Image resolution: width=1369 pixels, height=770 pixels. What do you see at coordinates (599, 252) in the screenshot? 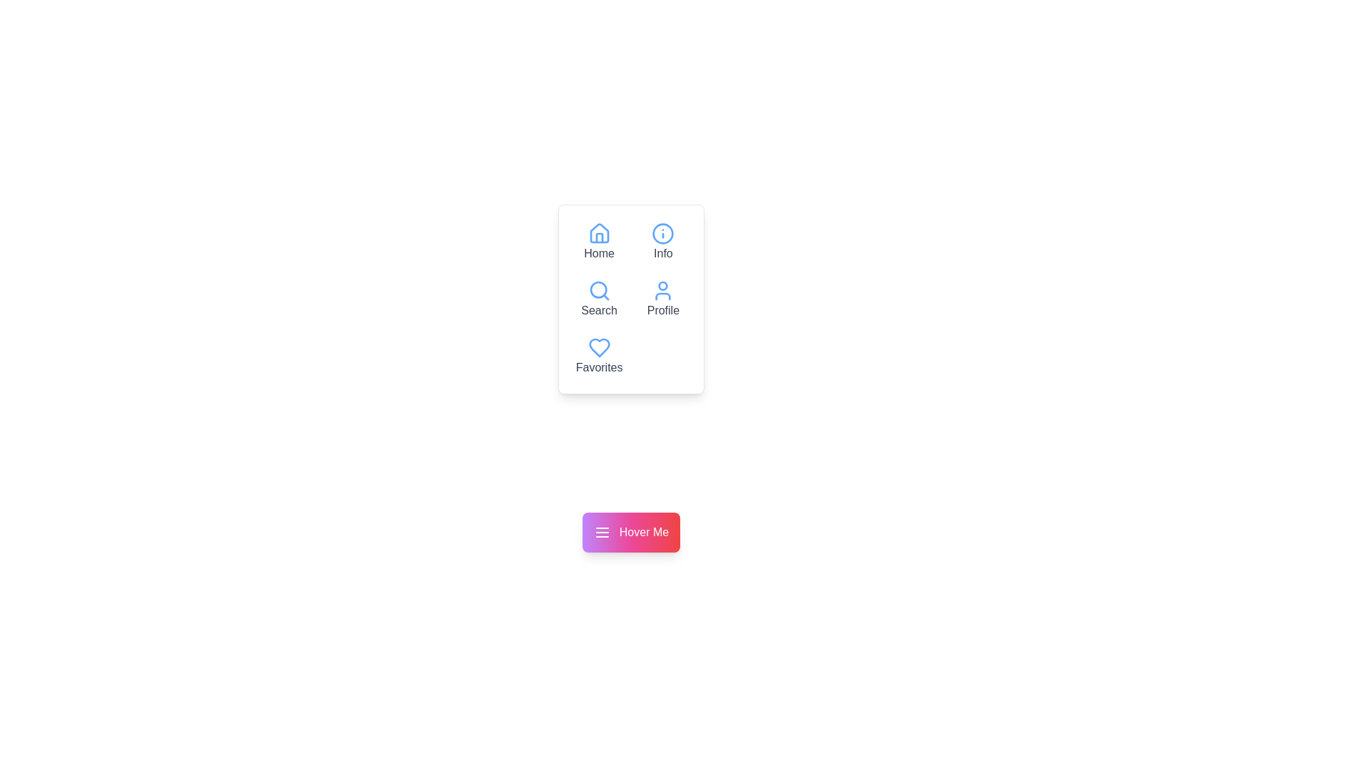
I see `the 'Home' text label, which is displayed in gray and positioned below the house icon in a minimalistic user interface` at bounding box center [599, 252].